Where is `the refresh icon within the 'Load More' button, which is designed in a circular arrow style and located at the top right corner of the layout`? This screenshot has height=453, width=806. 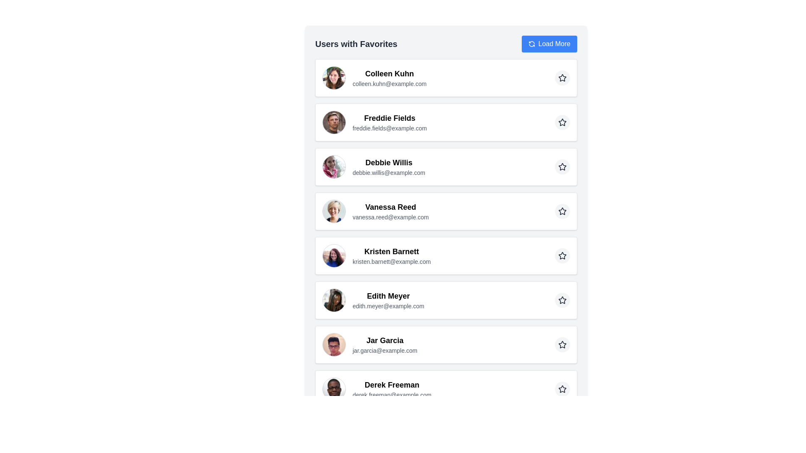 the refresh icon within the 'Load More' button, which is designed in a circular arrow style and located at the top right corner of the layout is located at coordinates (531, 44).